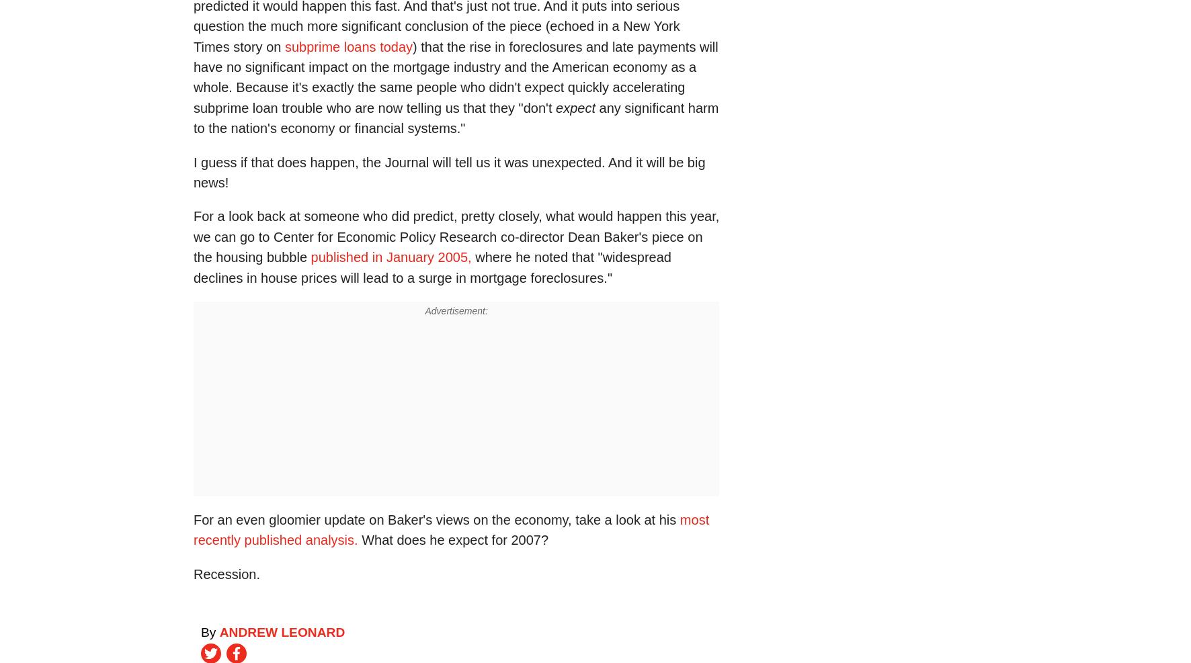 The image size is (1191, 663). What do you see at coordinates (209, 632) in the screenshot?
I see `'By'` at bounding box center [209, 632].